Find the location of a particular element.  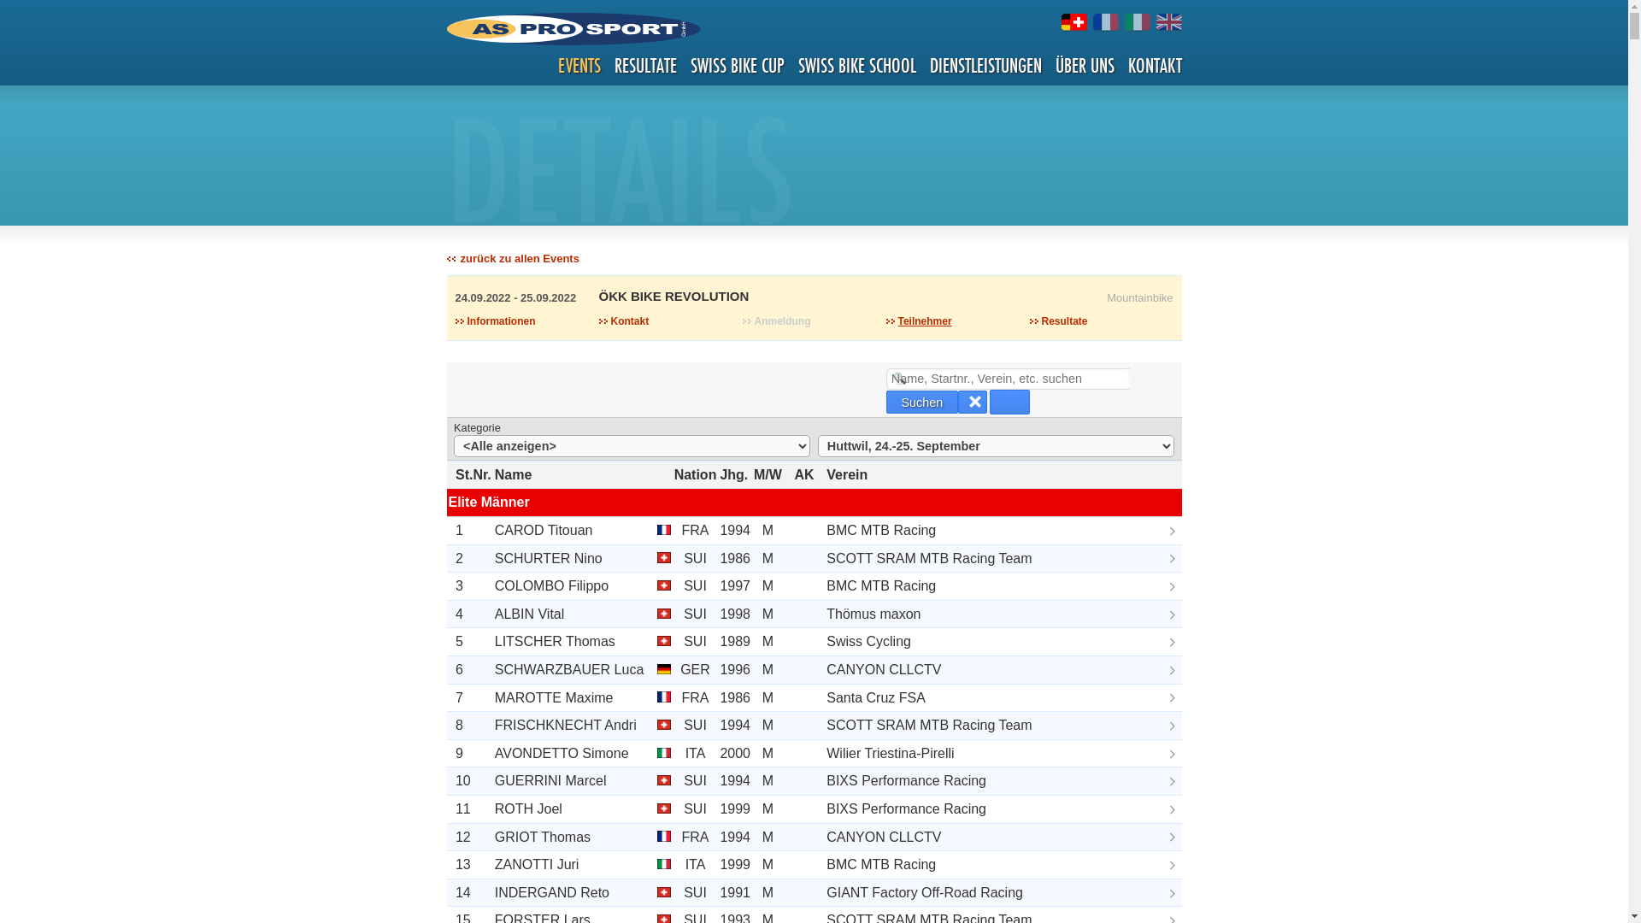

'RESULTATE' is located at coordinates (644, 64).